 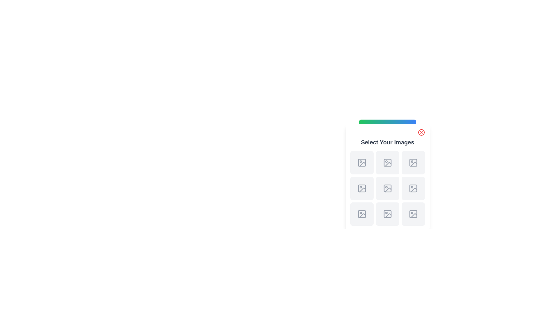 I want to click on the static text indicating a toggle action for the gallery, which is centrally aligned within the interactive button located at the top-center of the vertical layout, so click(x=392, y=127).